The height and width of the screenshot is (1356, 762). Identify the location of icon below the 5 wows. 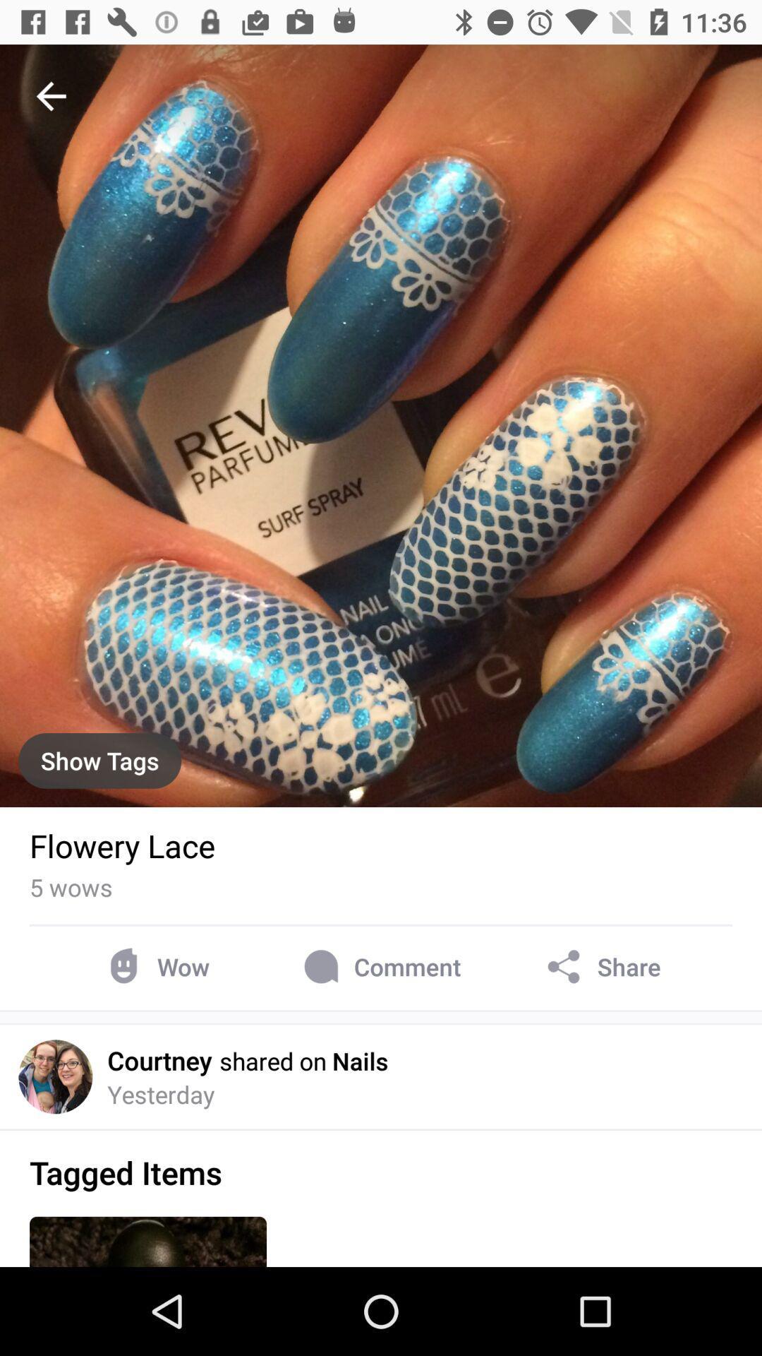
(155, 966).